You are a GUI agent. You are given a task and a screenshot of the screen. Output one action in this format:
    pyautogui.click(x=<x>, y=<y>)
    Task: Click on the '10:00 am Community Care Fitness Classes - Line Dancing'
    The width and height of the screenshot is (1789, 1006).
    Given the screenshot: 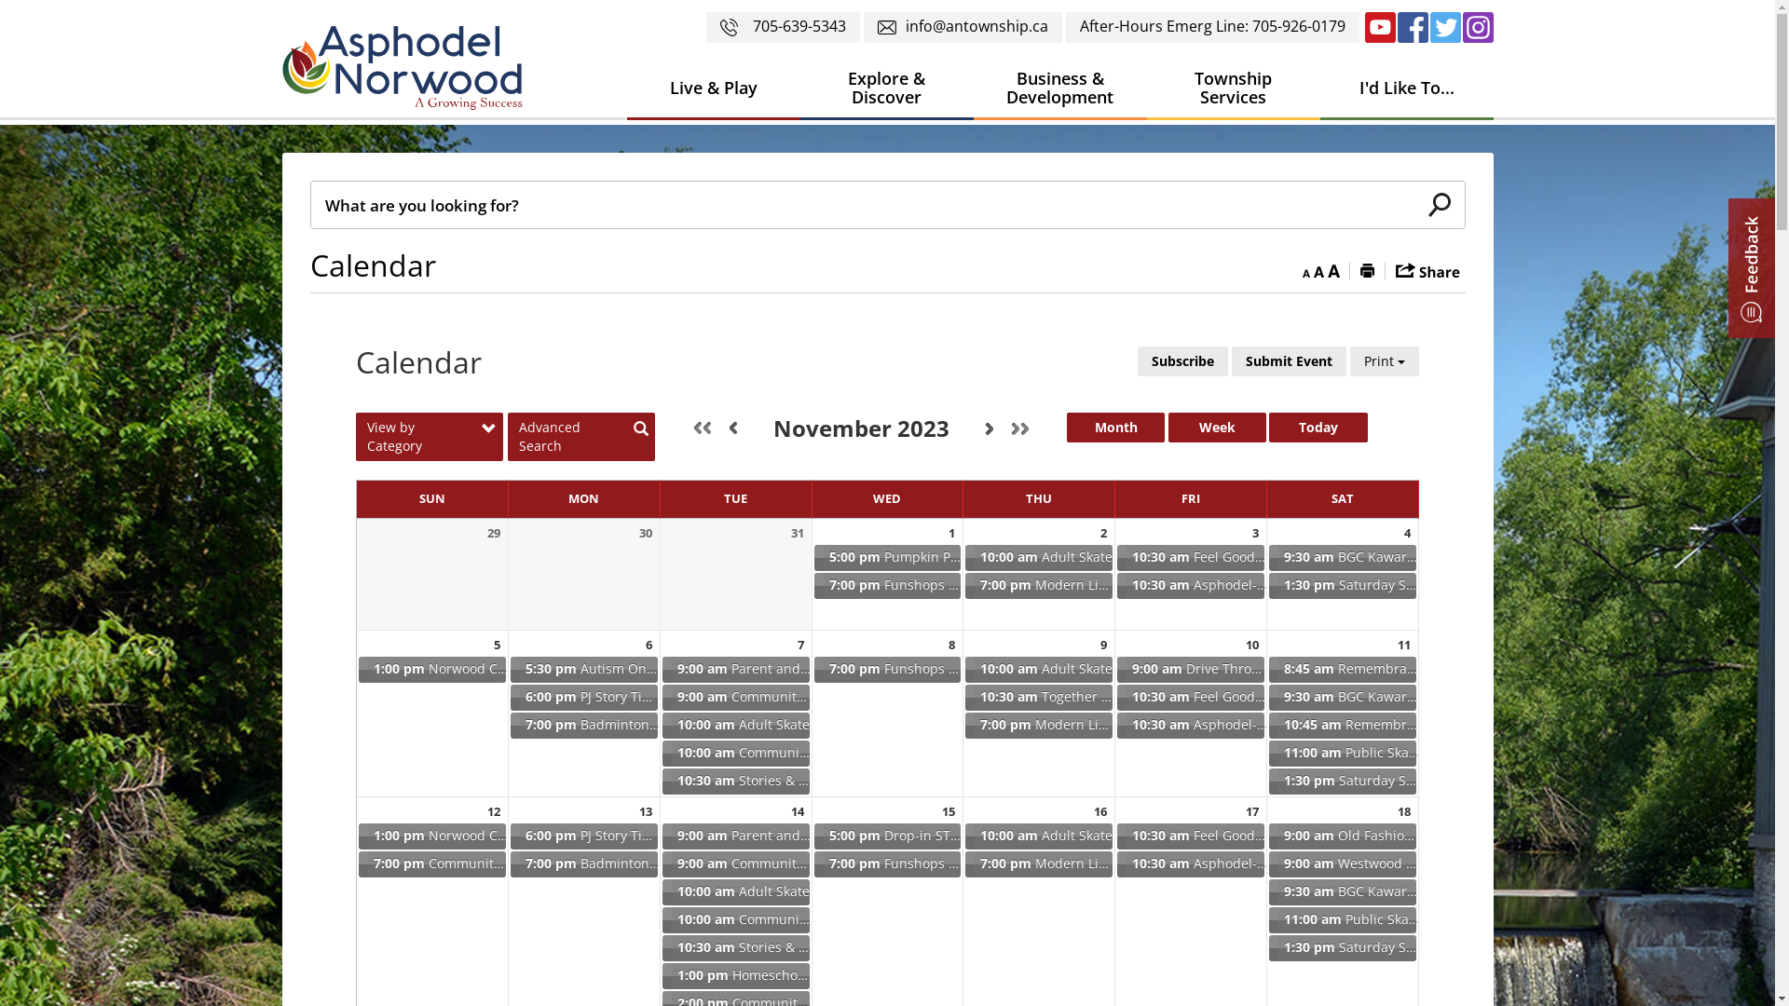 What is the action you would take?
    pyautogui.click(x=735, y=753)
    